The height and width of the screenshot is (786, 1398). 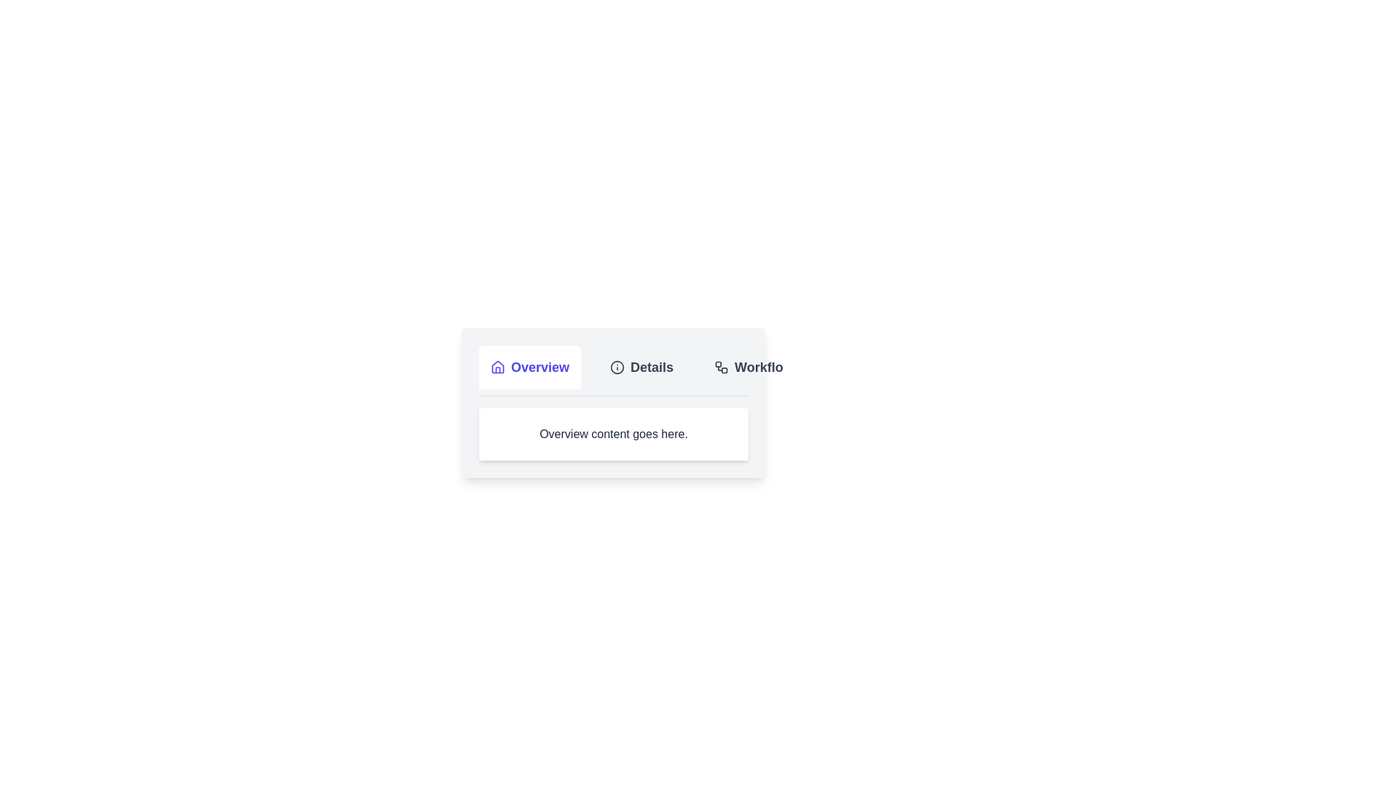 What do you see at coordinates (614, 370) in the screenshot?
I see `the Navigation menu options` at bounding box center [614, 370].